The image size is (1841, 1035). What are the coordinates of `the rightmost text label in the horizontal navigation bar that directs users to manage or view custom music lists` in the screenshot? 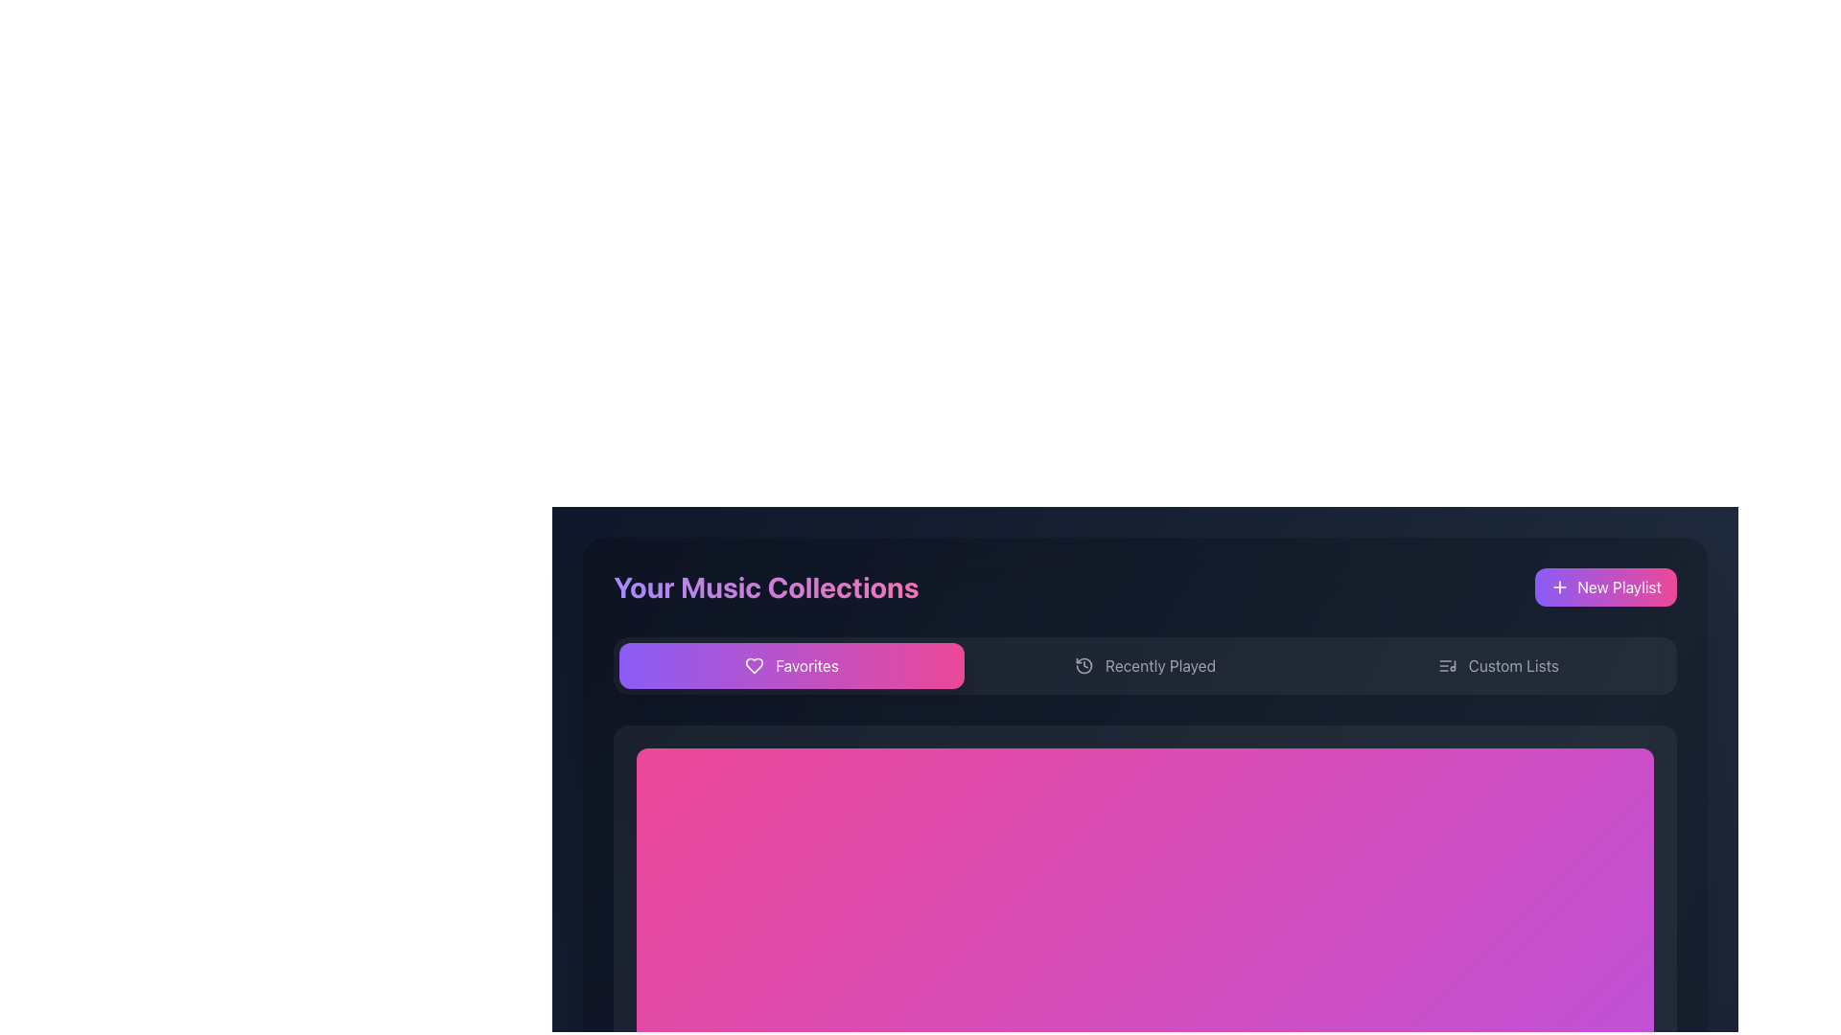 It's located at (1512, 664).